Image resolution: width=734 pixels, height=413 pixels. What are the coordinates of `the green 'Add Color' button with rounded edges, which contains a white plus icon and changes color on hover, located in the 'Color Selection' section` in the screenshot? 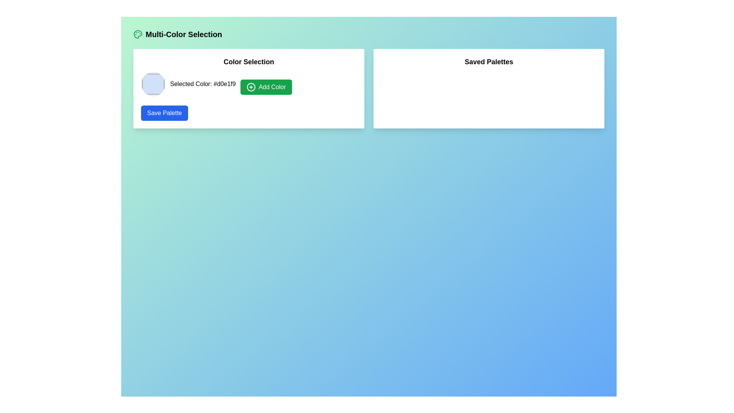 It's located at (266, 86).